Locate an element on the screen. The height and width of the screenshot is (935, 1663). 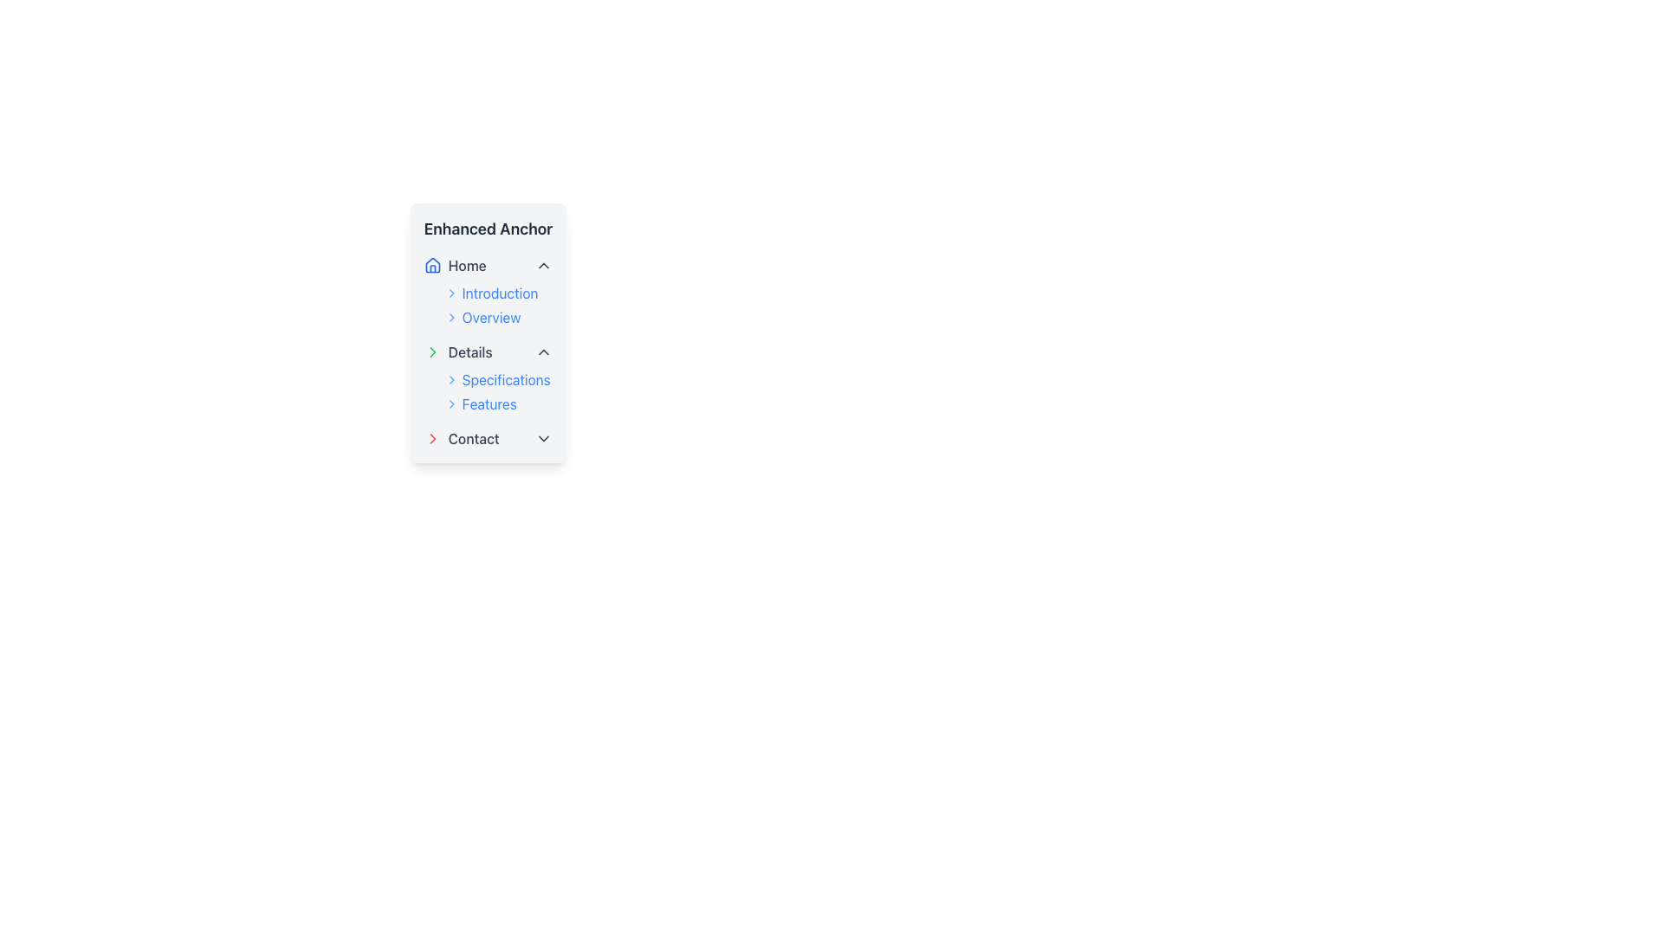
the 'Home' text label located to the right of the icon in the Enhanced Anchor navigation menu is located at coordinates (467, 266).